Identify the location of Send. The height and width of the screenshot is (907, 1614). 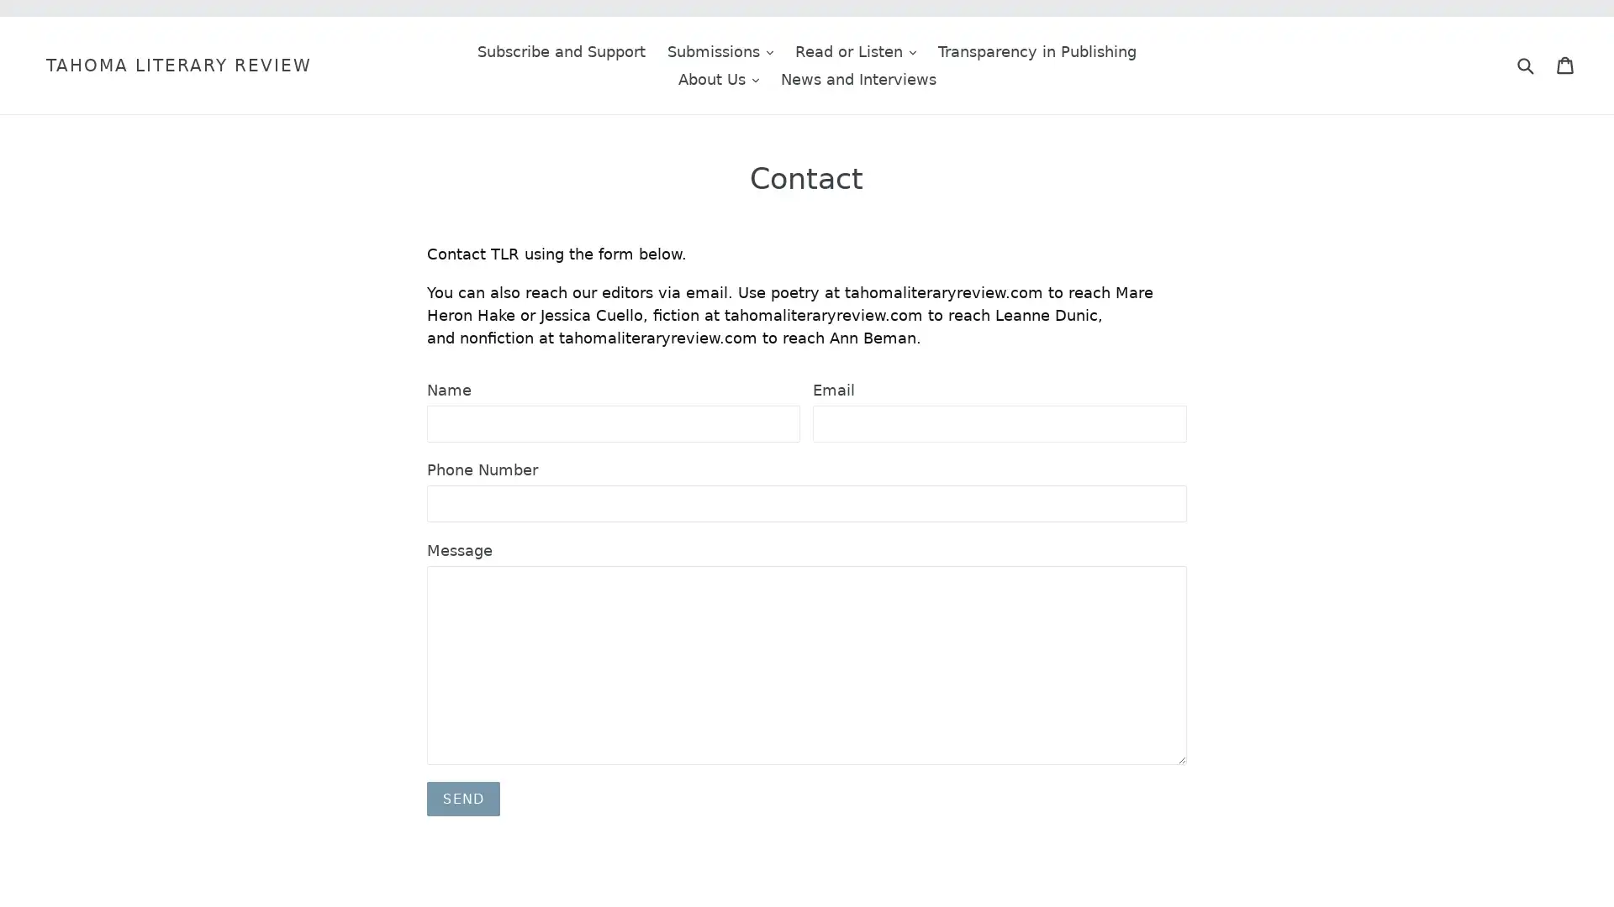
(463, 798).